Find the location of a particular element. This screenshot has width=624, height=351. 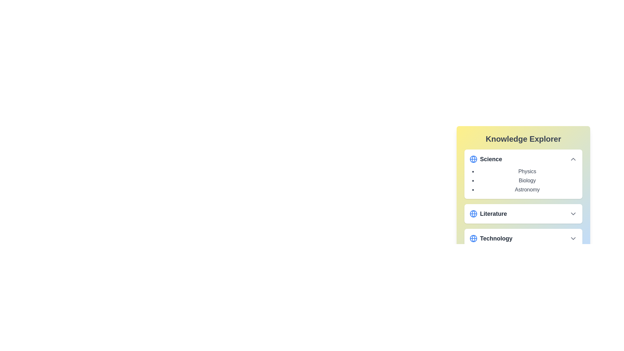

the topic Technology to display additional visual feedback is located at coordinates (523, 238).